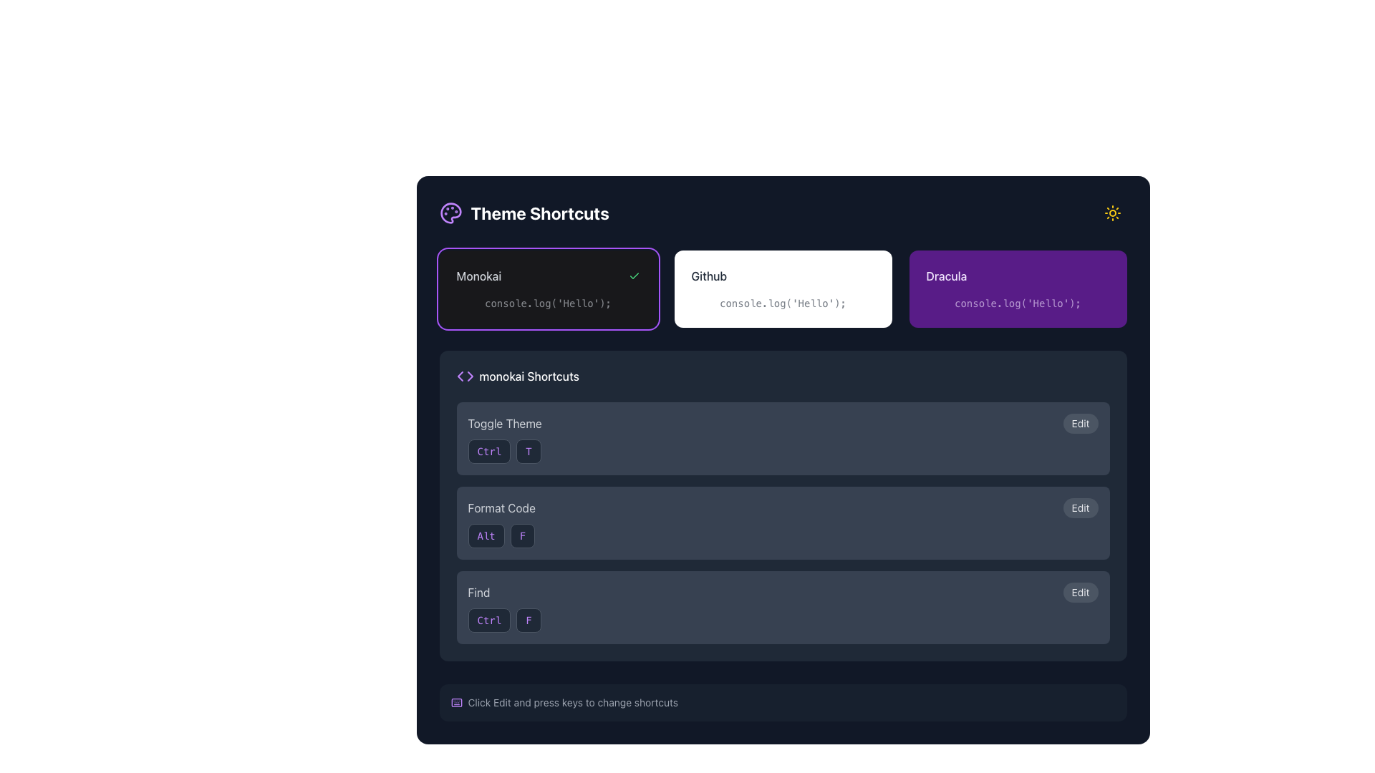 Image resolution: width=1375 pixels, height=773 pixels. Describe the element at coordinates (782, 289) in the screenshot. I see `the middle selectable tile for the 'Github' theme` at that location.